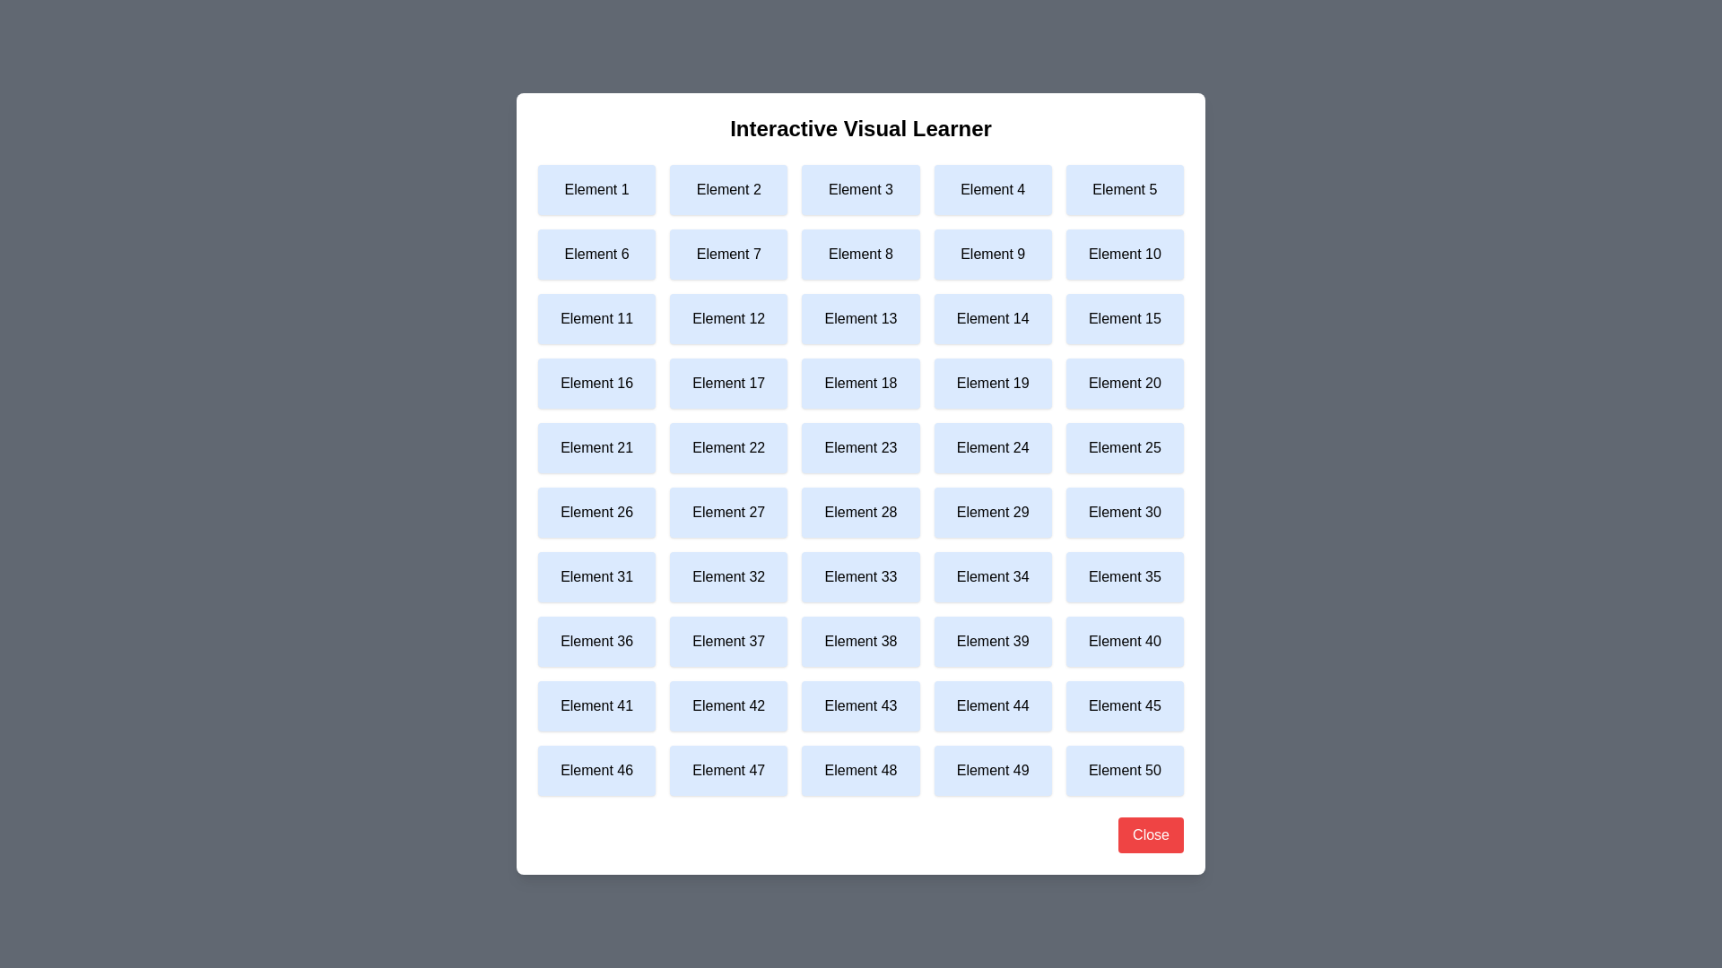  Describe the element at coordinates (861, 127) in the screenshot. I see `the title of the dialog and read it` at that location.